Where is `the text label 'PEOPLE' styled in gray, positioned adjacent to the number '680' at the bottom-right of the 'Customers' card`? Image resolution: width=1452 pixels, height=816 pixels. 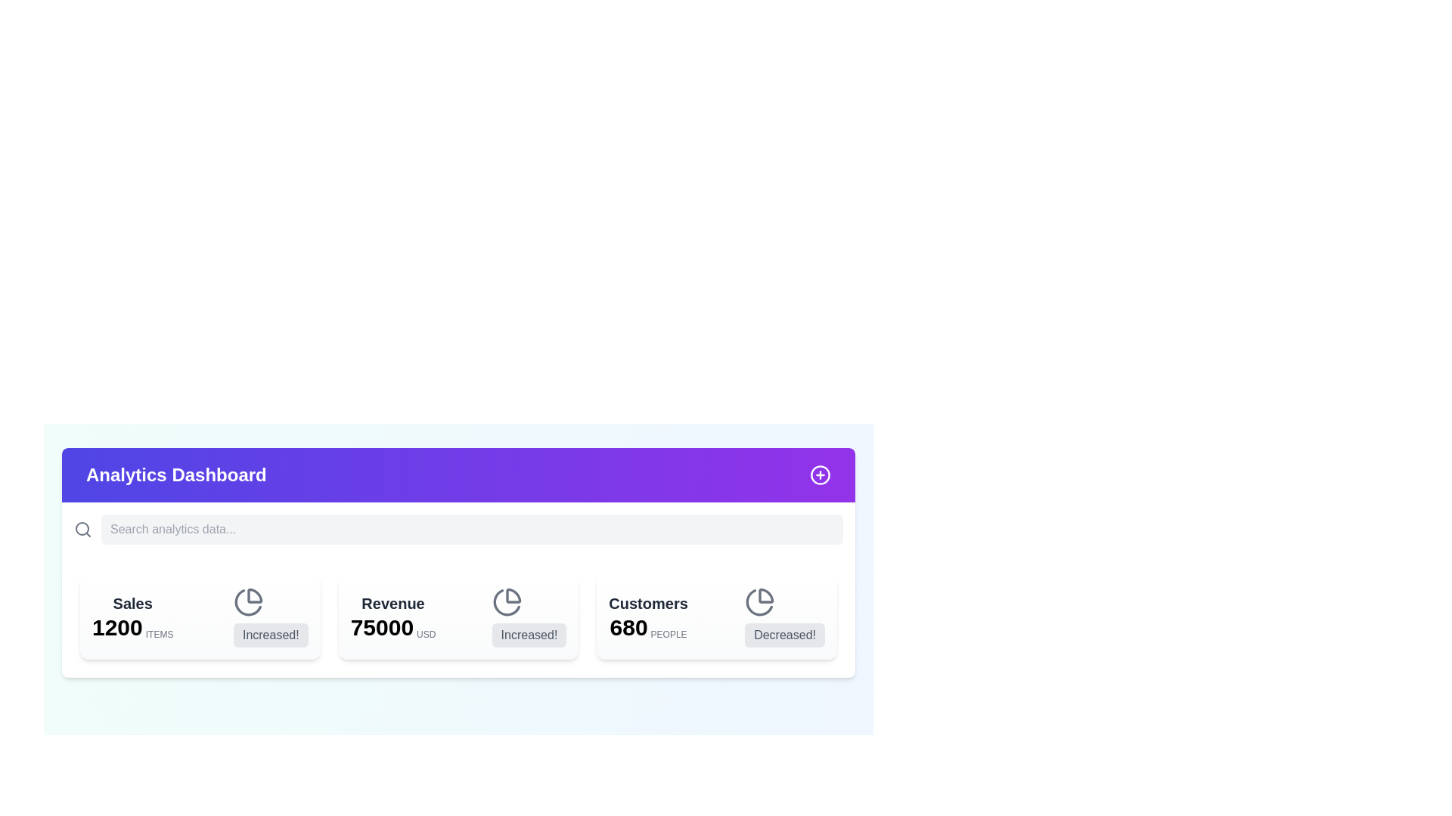
the text label 'PEOPLE' styled in gray, positioned adjacent to the number '680' at the bottom-right of the 'Customers' card is located at coordinates (668, 635).